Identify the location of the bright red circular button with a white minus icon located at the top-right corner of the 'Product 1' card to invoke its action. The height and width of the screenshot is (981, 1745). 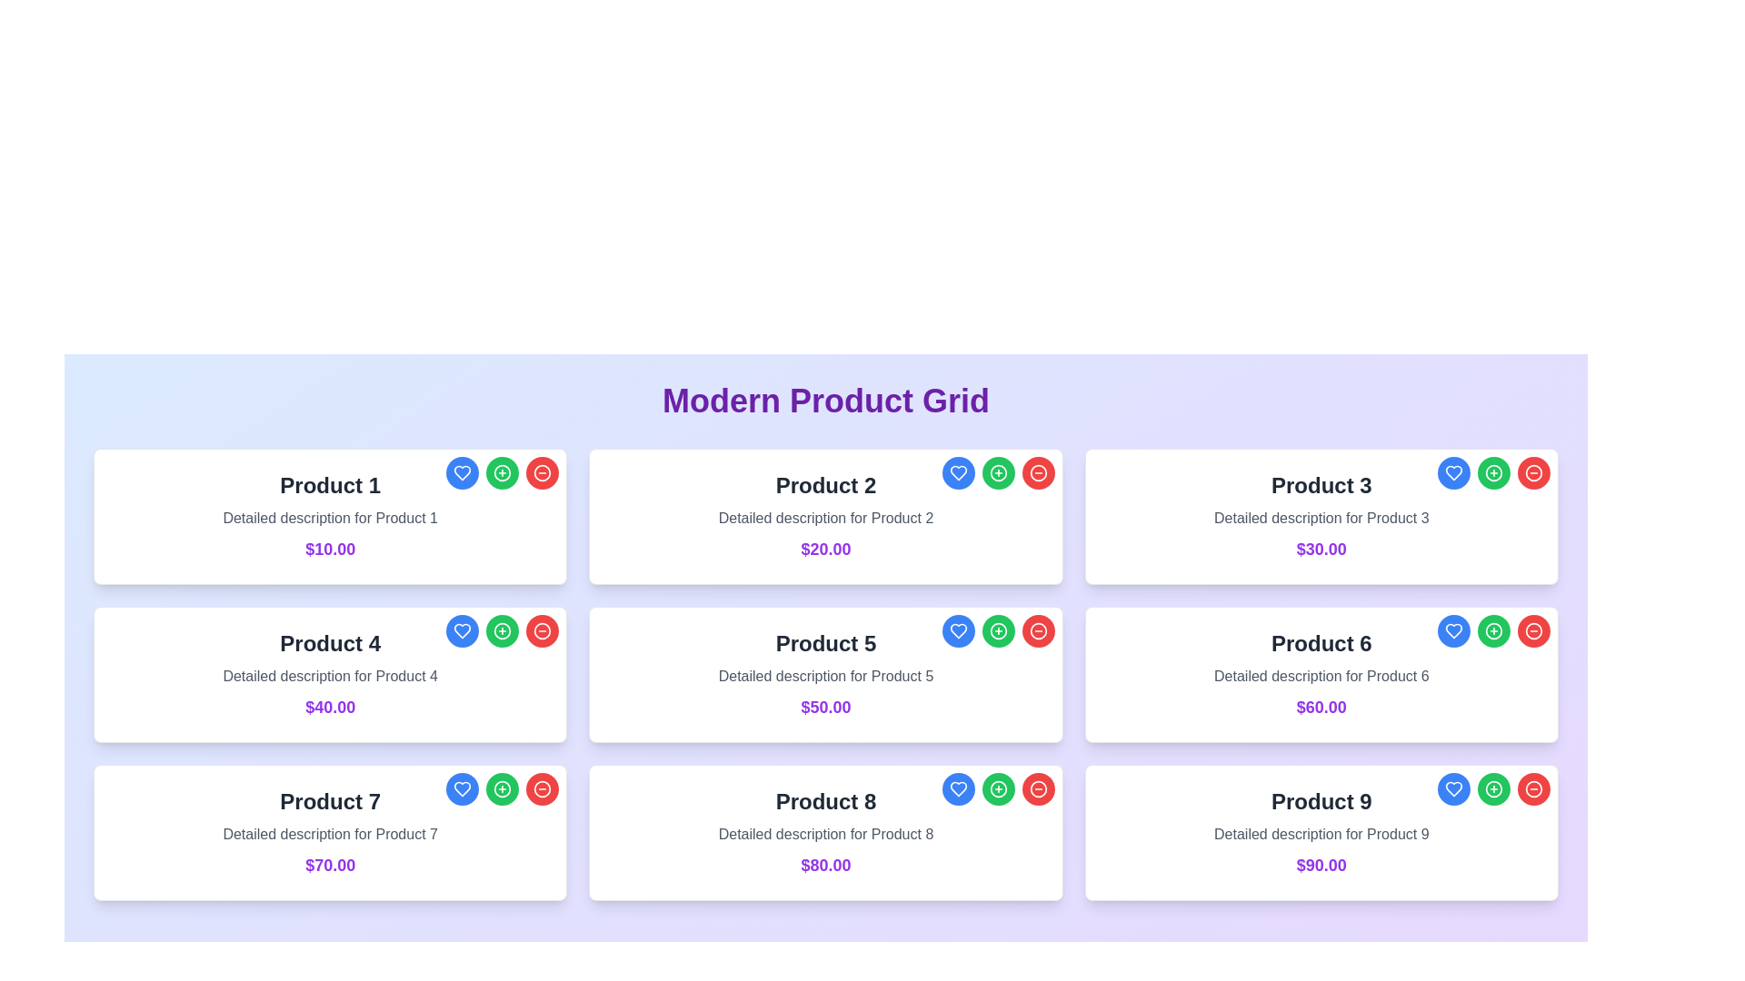
(542, 471).